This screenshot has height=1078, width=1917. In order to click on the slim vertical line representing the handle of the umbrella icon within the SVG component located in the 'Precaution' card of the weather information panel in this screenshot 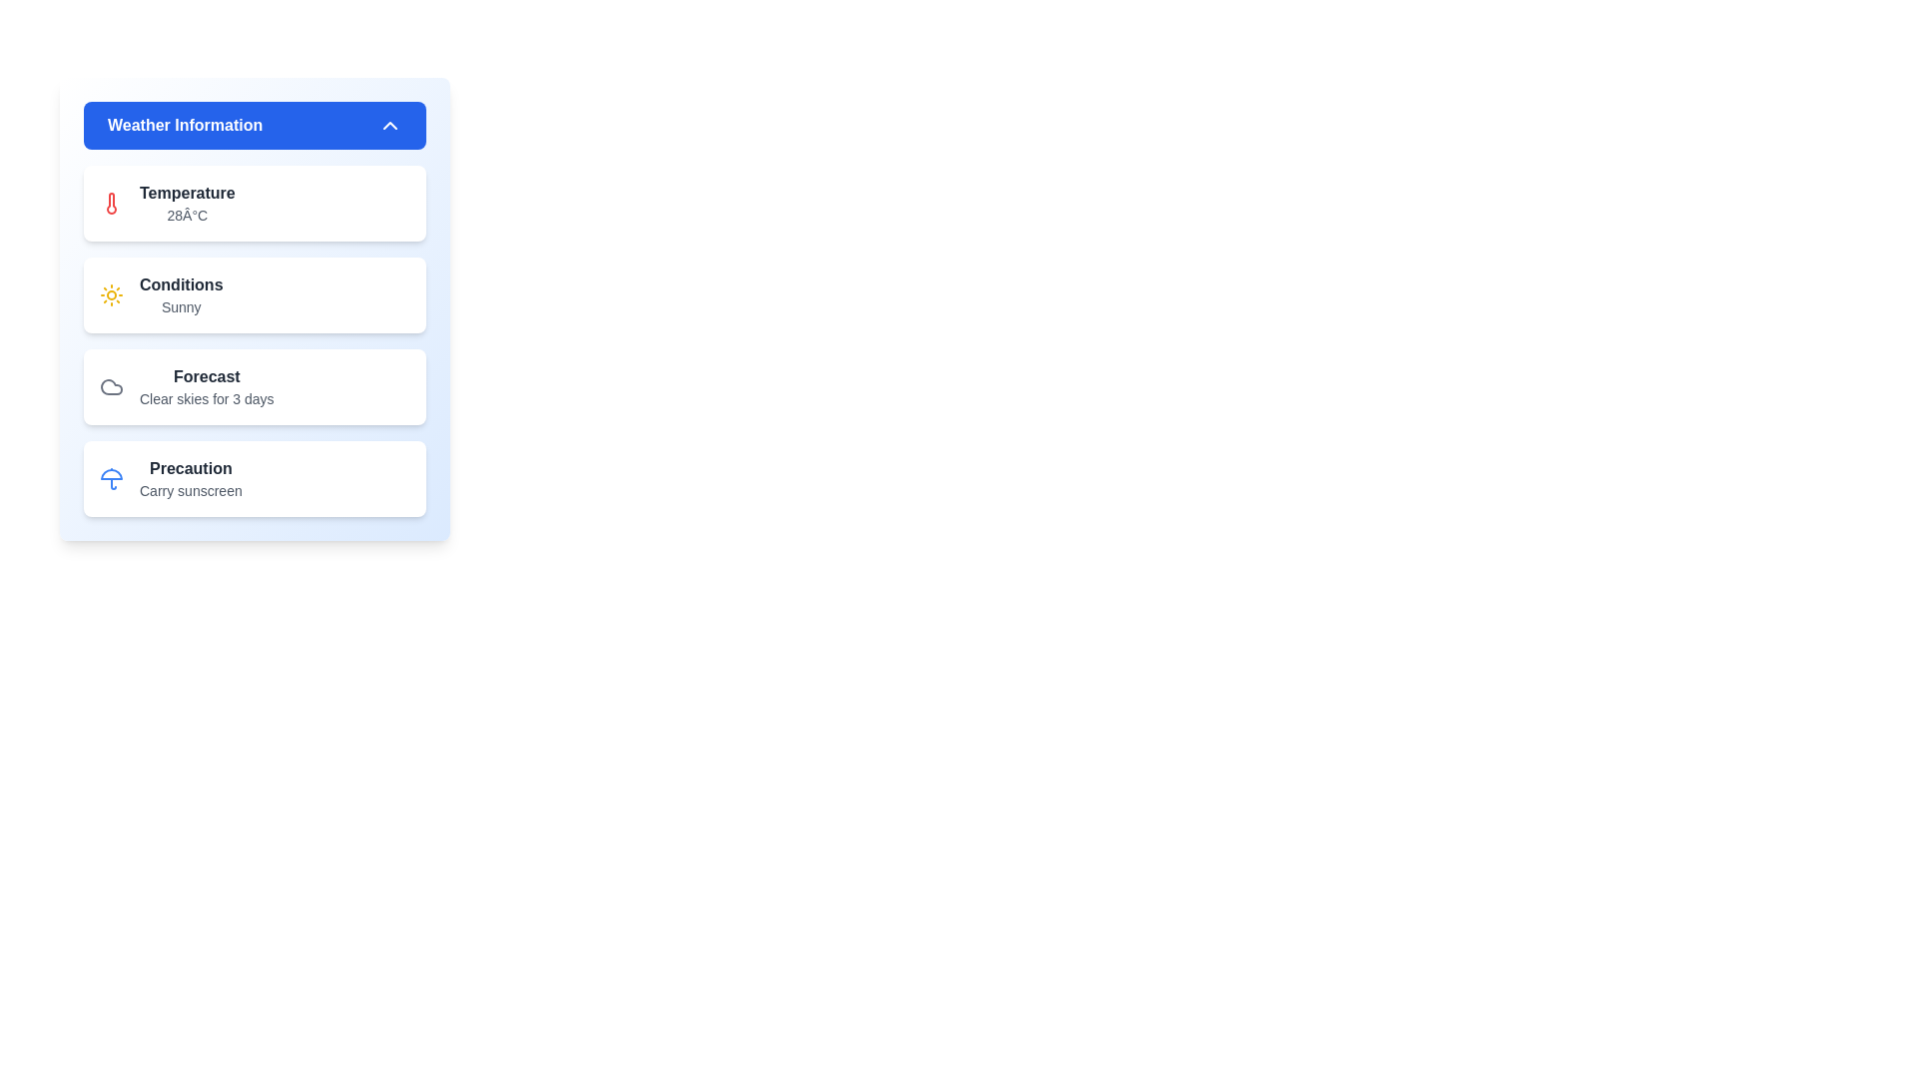, I will do `click(113, 484)`.